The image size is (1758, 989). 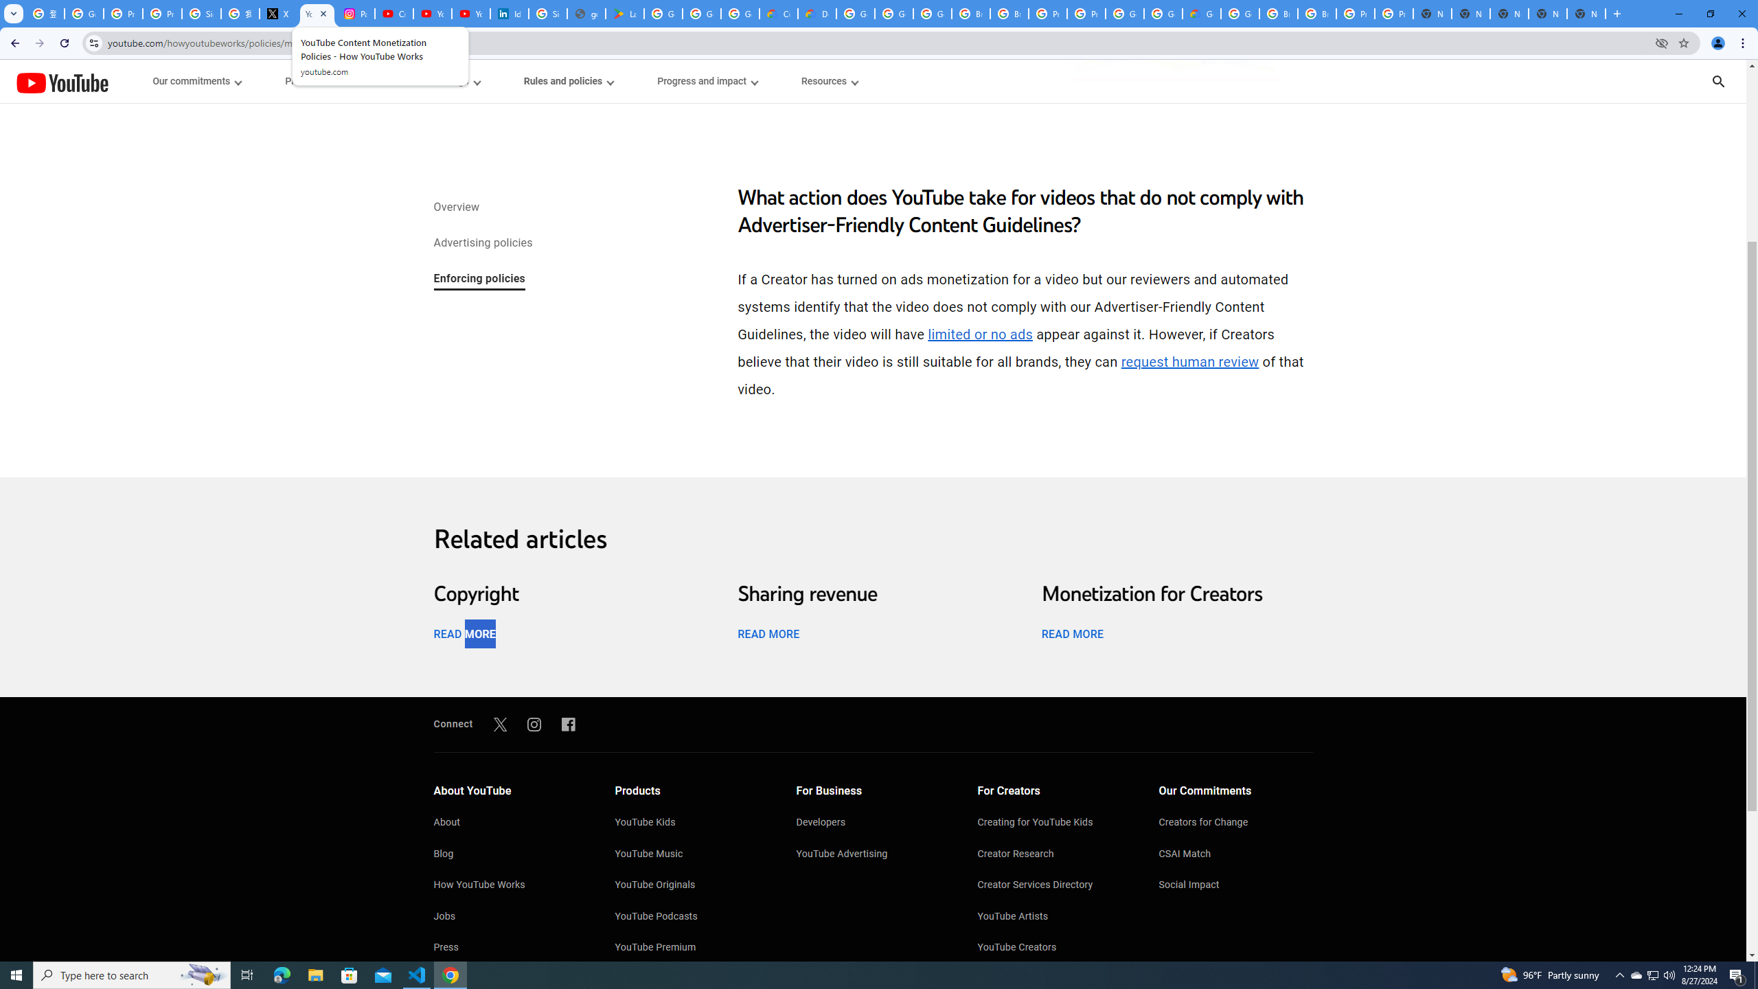 What do you see at coordinates (1718, 43) in the screenshot?
I see `'You'` at bounding box center [1718, 43].